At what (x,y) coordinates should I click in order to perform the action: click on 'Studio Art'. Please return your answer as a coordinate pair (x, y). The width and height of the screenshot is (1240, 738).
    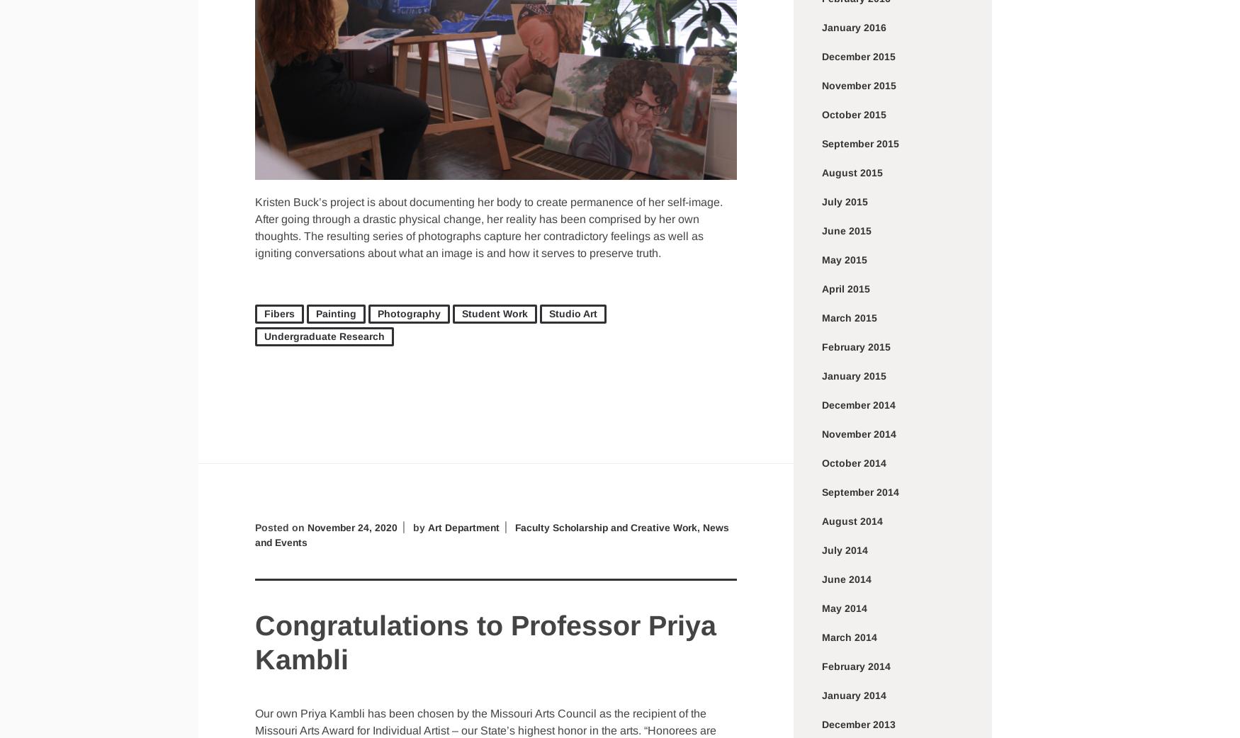
    Looking at the image, I should click on (548, 313).